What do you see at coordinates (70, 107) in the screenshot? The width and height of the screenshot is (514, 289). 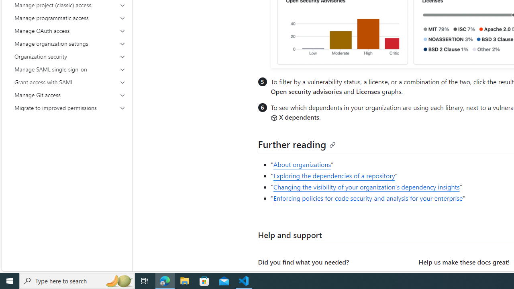 I see `'Migrate to improved permissions'` at bounding box center [70, 107].